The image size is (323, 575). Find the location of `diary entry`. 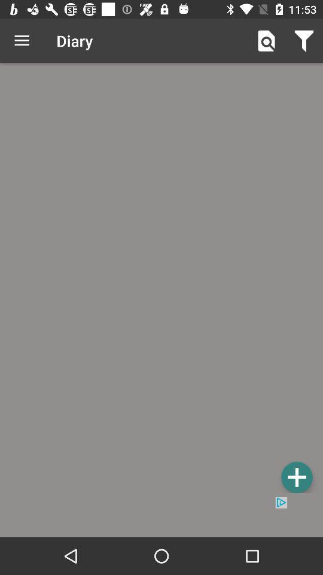

diary entry is located at coordinates (161, 280).